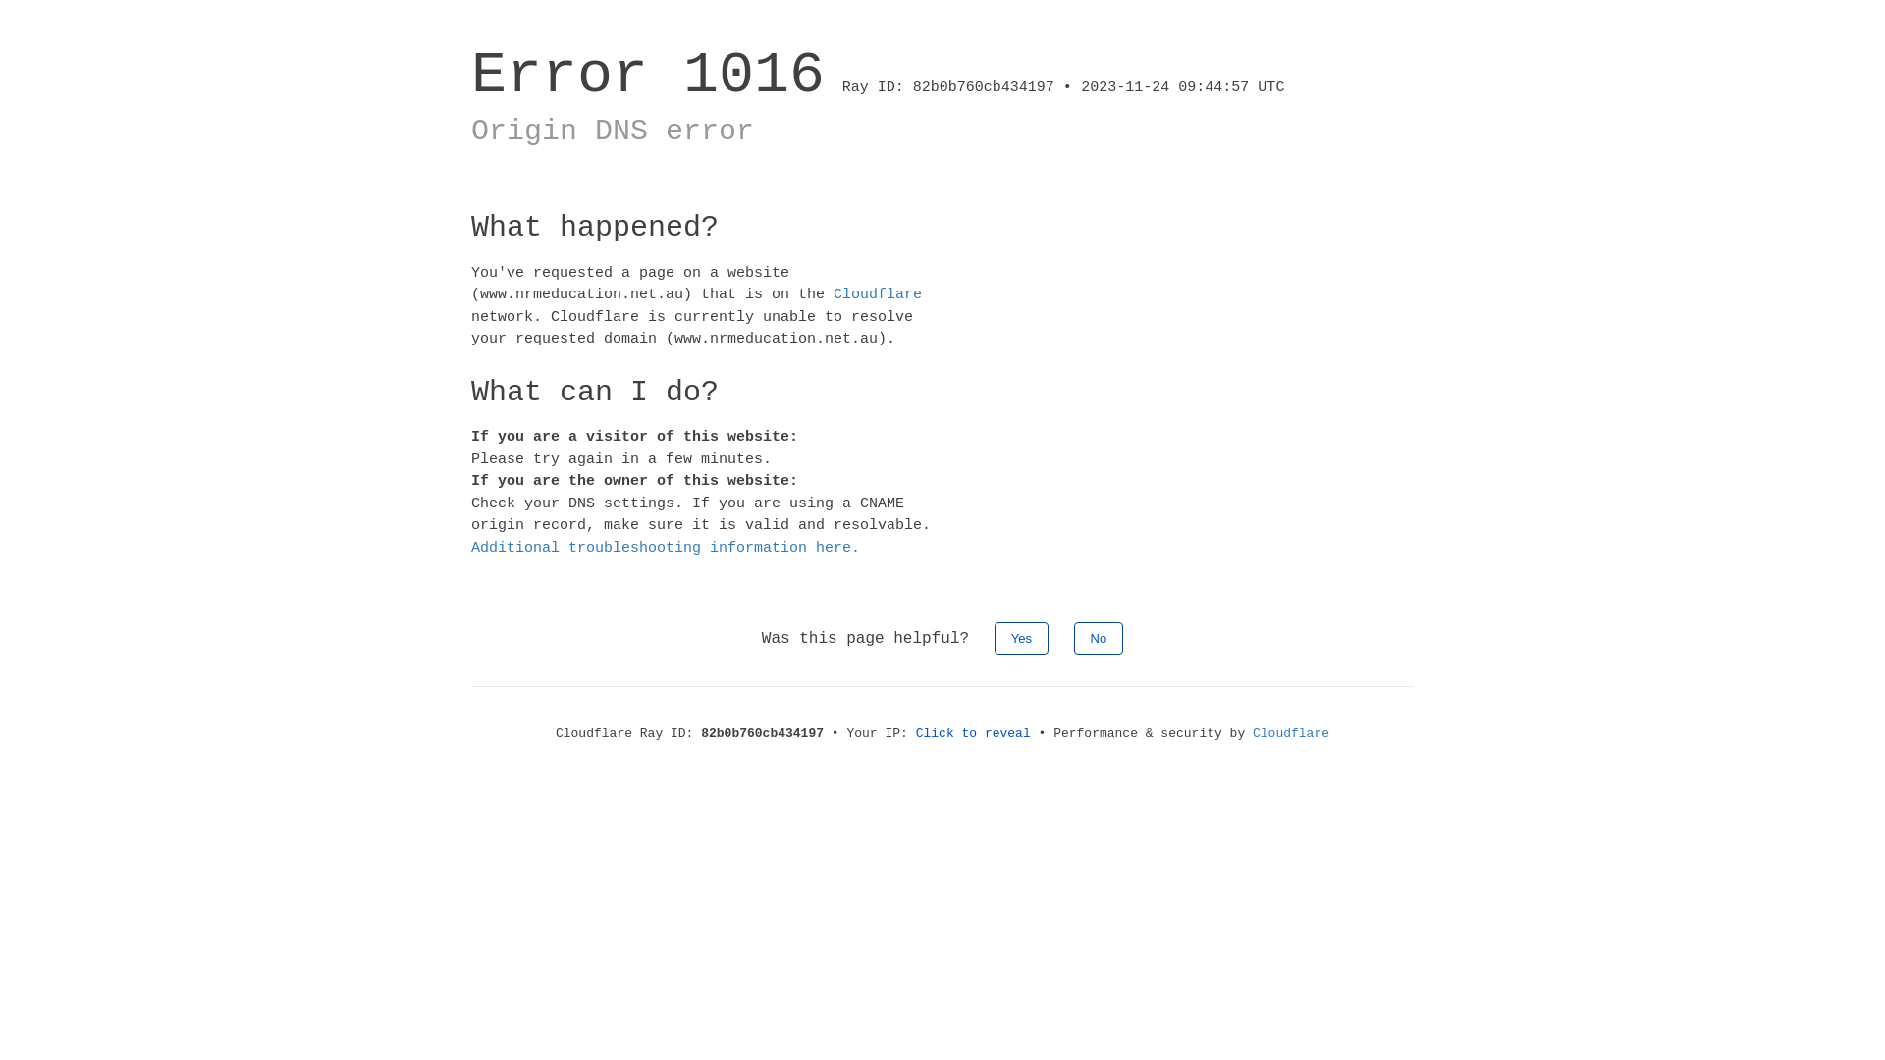  What do you see at coordinates (1291, 733) in the screenshot?
I see `'Cloudflare'` at bounding box center [1291, 733].